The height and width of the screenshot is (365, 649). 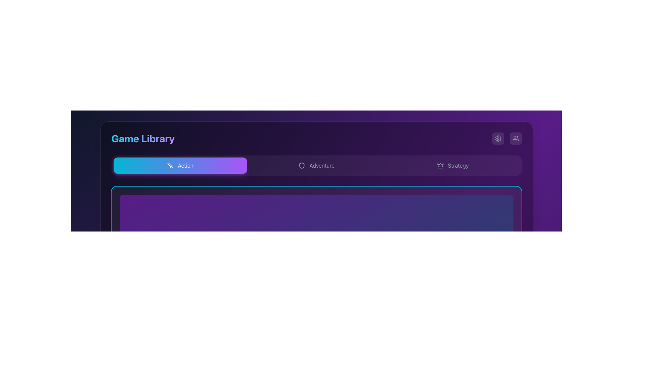 I want to click on the small rounded rectangular button with a gray background and a user icon located at the top-right corner of the interface to observe its tooltip or effect, so click(x=515, y=138).